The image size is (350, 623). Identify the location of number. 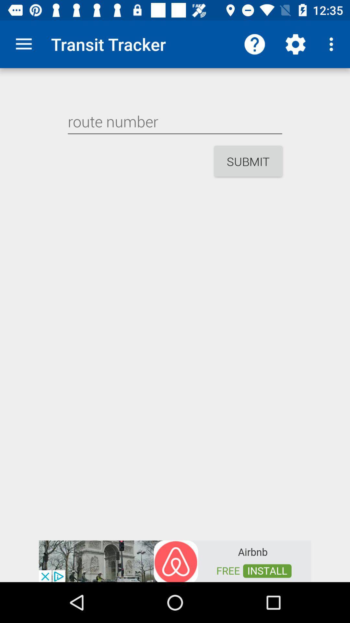
(175, 121).